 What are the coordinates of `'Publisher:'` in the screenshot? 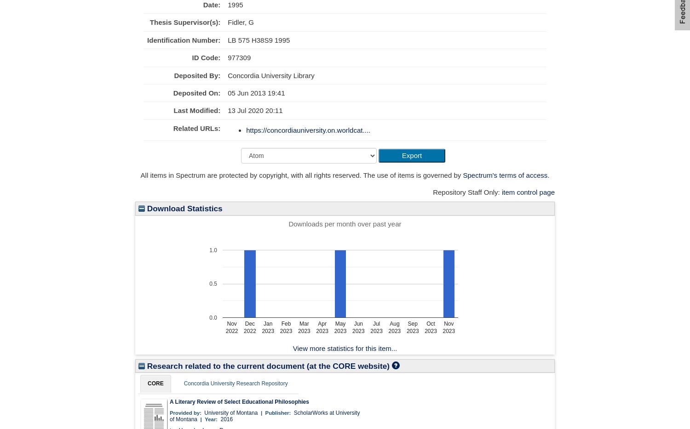 It's located at (279, 412).